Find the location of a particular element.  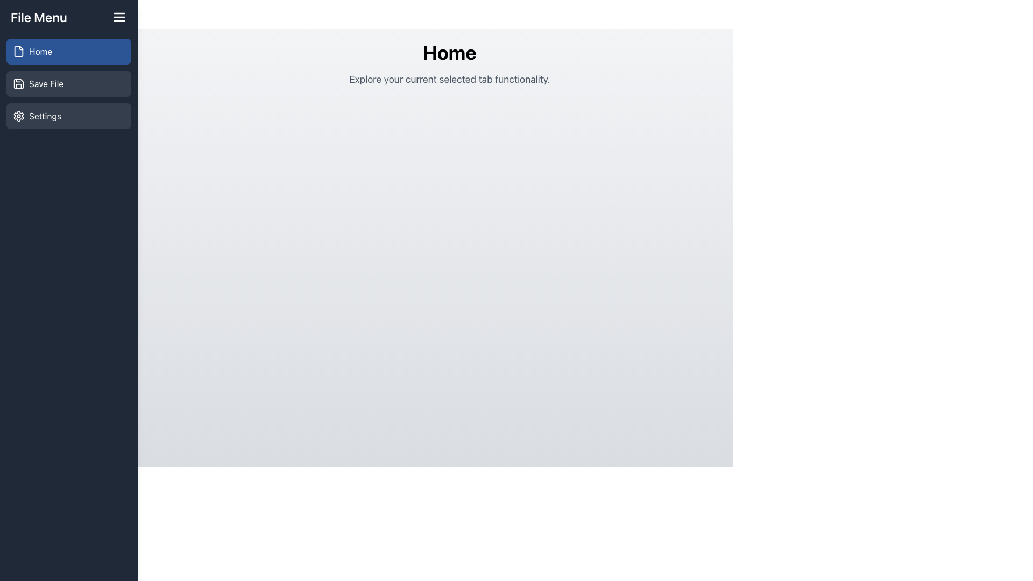

text of the 'File Menu' label located at the top-left corner of the navigation pane, above the navigation options is located at coordinates (39, 17).